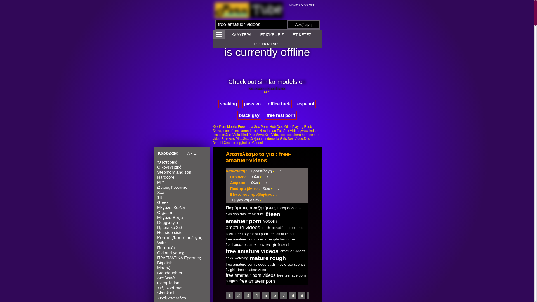 The width and height of the screenshot is (537, 302). What do you see at coordinates (241, 258) in the screenshot?
I see `'watching'` at bounding box center [241, 258].